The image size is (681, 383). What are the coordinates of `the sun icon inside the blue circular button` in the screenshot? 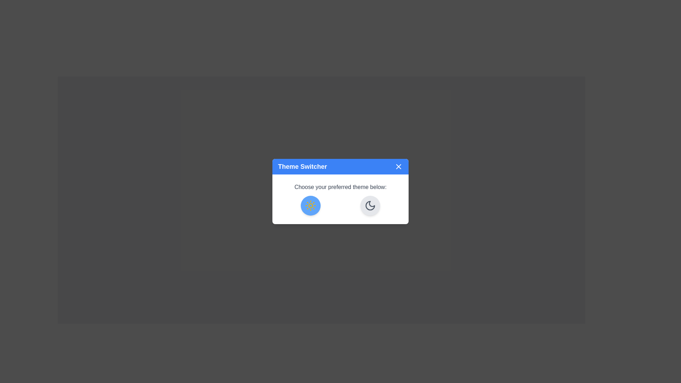 It's located at (310, 205).